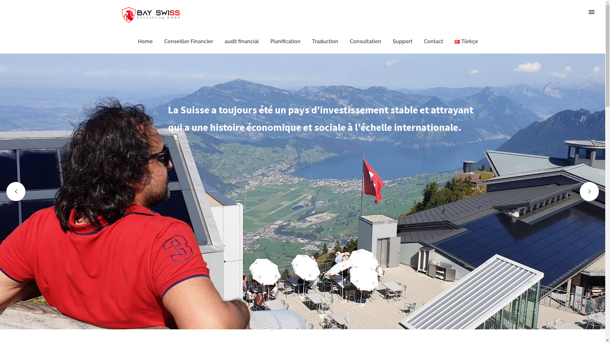  Describe the element at coordinates (365, 41) in the screenshot. I see `'Consultation'` at that location.